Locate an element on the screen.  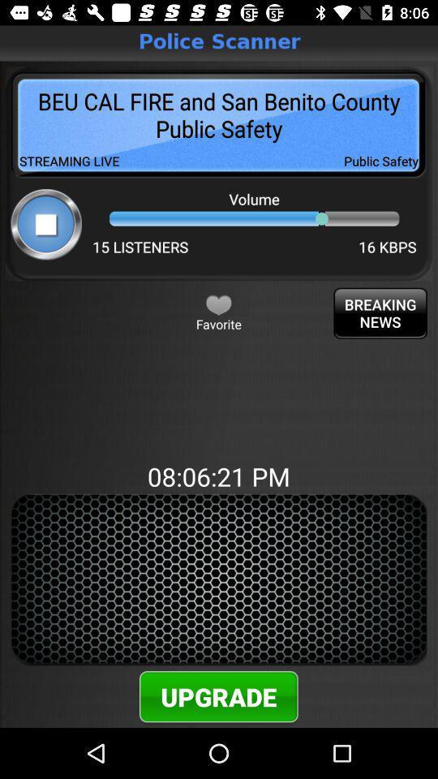
stop feed is located at coordinates (46, 223).